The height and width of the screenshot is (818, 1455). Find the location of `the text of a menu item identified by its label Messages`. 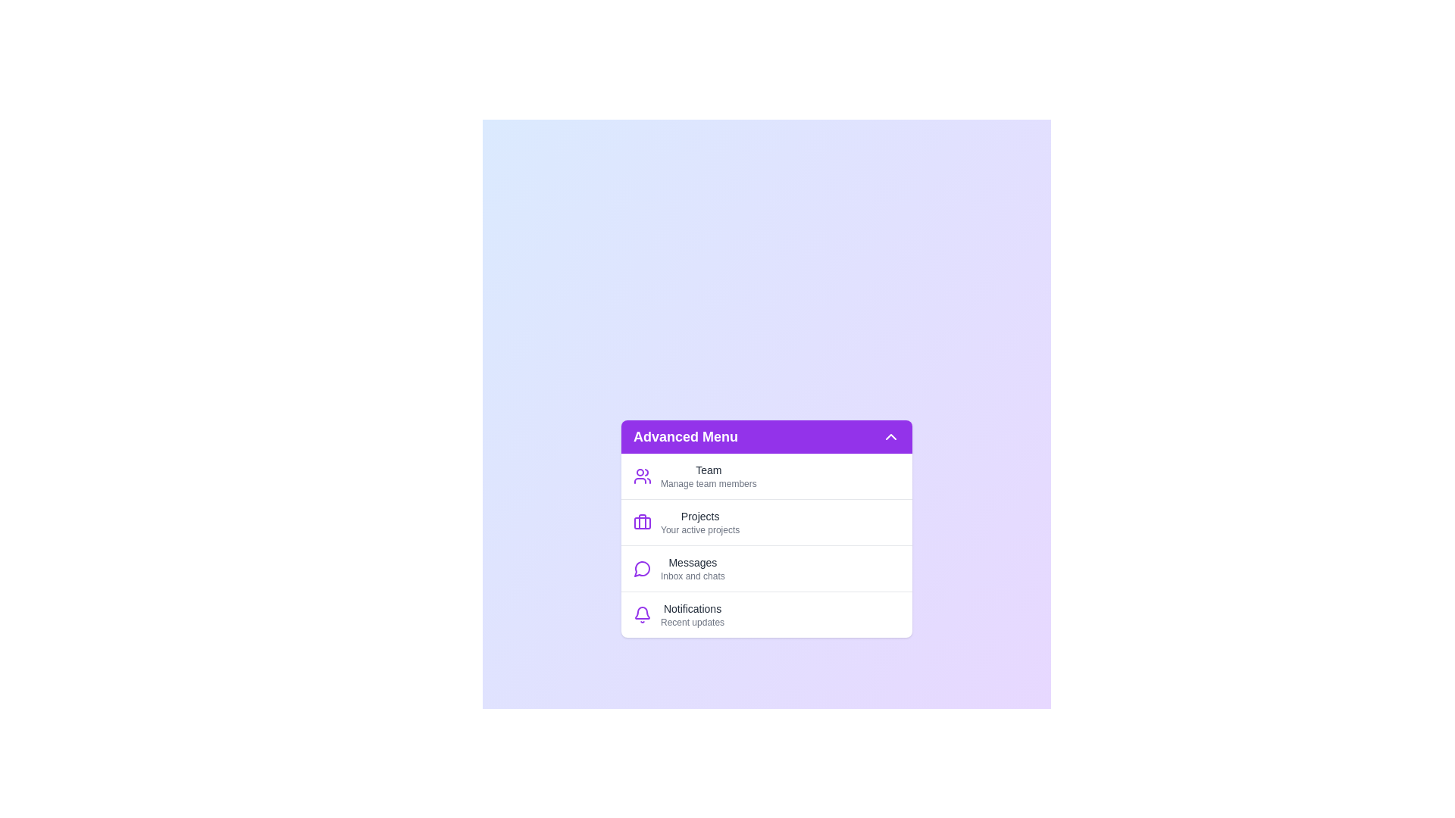

the text of a menu item identified by its label Messages is located at coordinates (691, 567).